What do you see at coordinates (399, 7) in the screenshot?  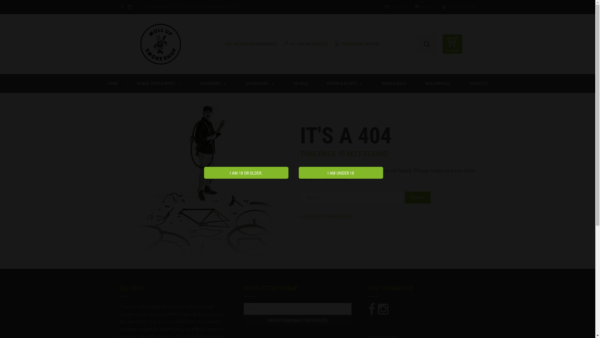 I see `'CHECKOUT'` at bounding box center [399, 7].